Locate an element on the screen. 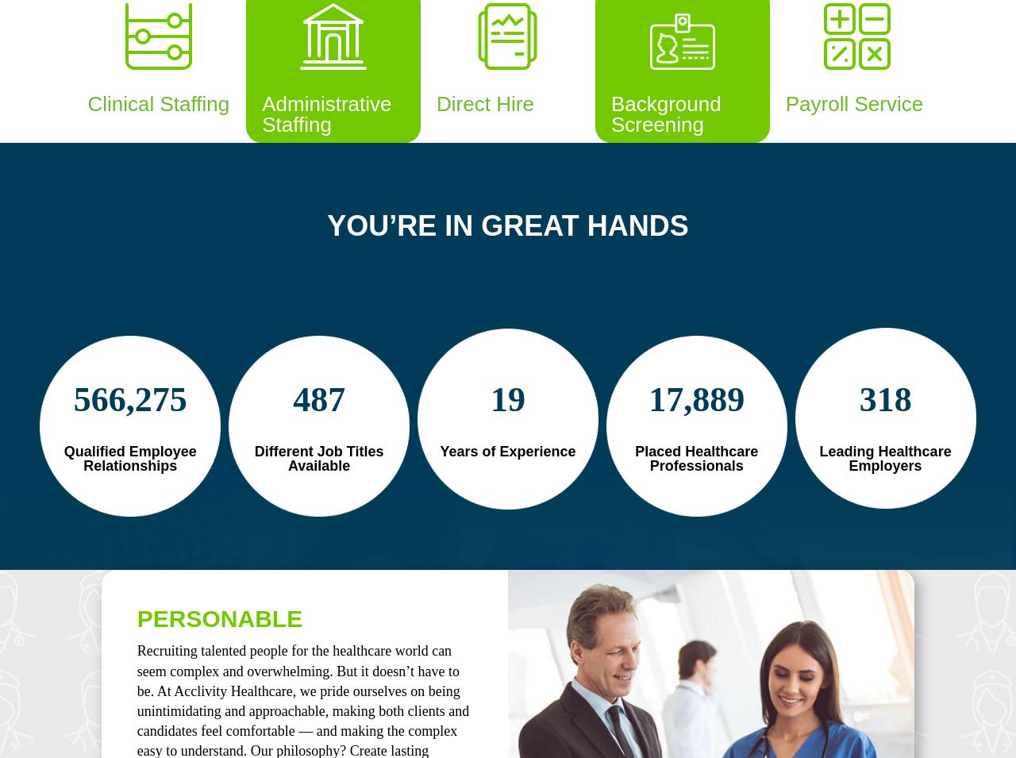 The height and width of the screenshot is (758, 1016). '487' is located at coordinates (318, 399).